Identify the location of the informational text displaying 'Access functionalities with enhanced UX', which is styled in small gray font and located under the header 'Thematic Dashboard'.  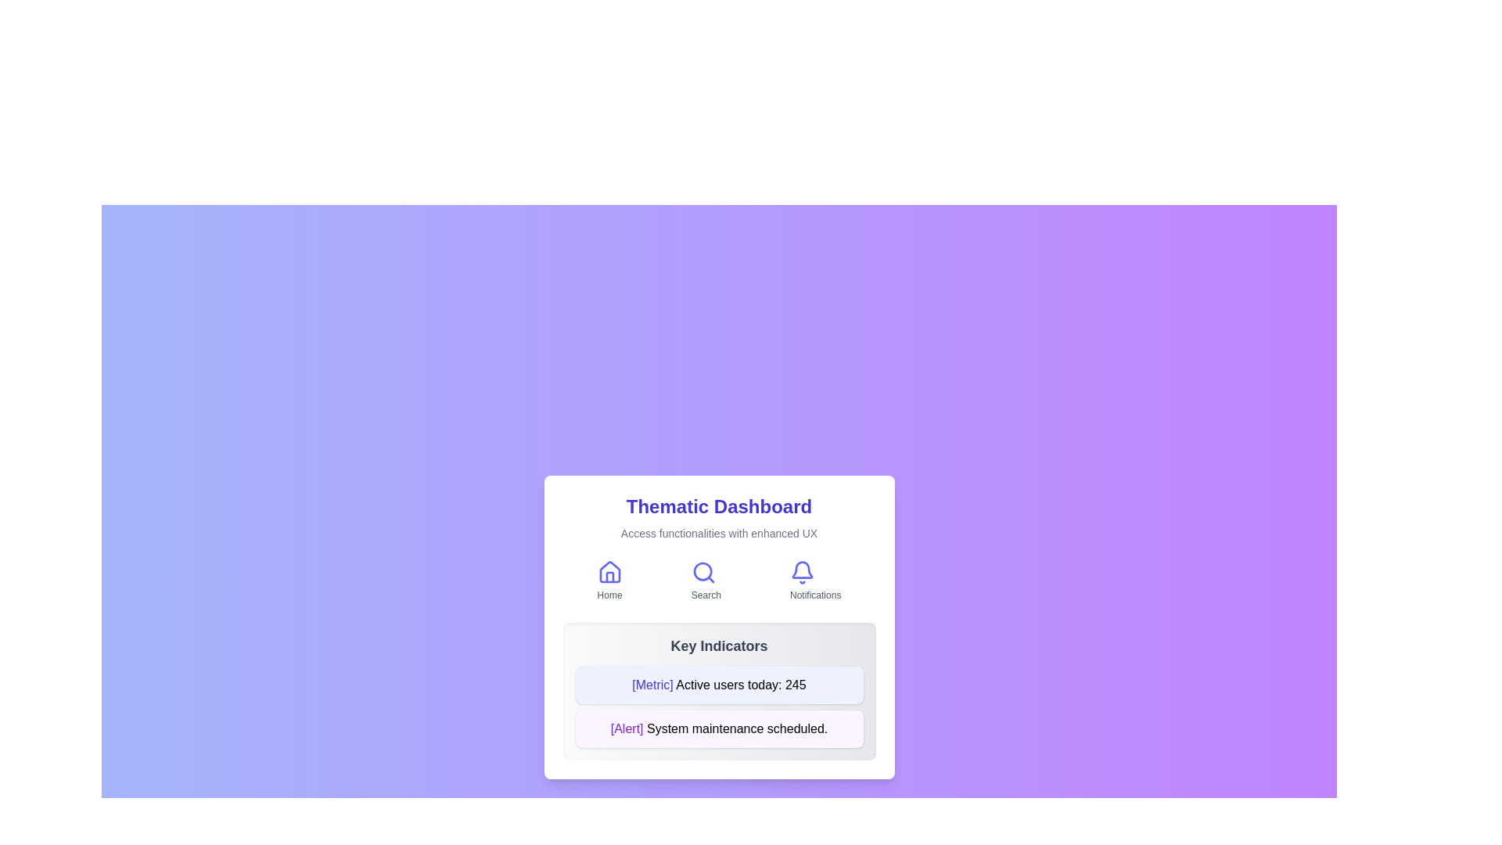
(718, 533).